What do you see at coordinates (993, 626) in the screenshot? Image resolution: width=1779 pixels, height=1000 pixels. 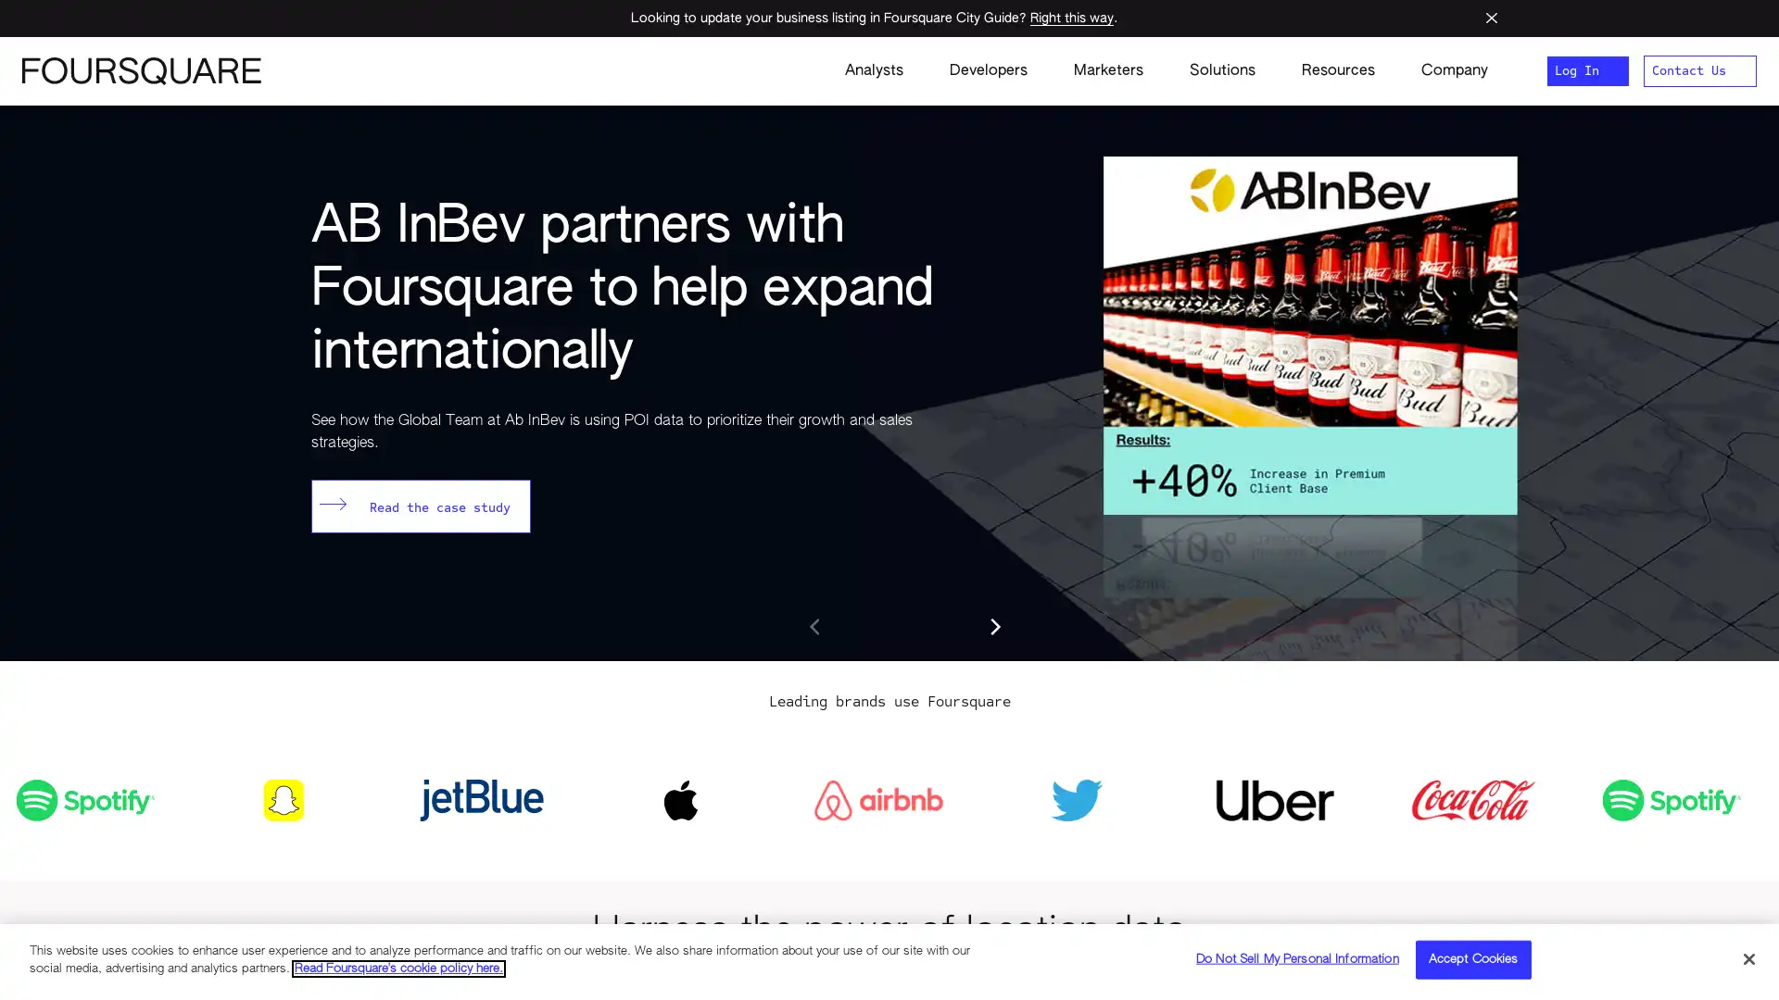 I see `Next` at bounding box center [993, 626].